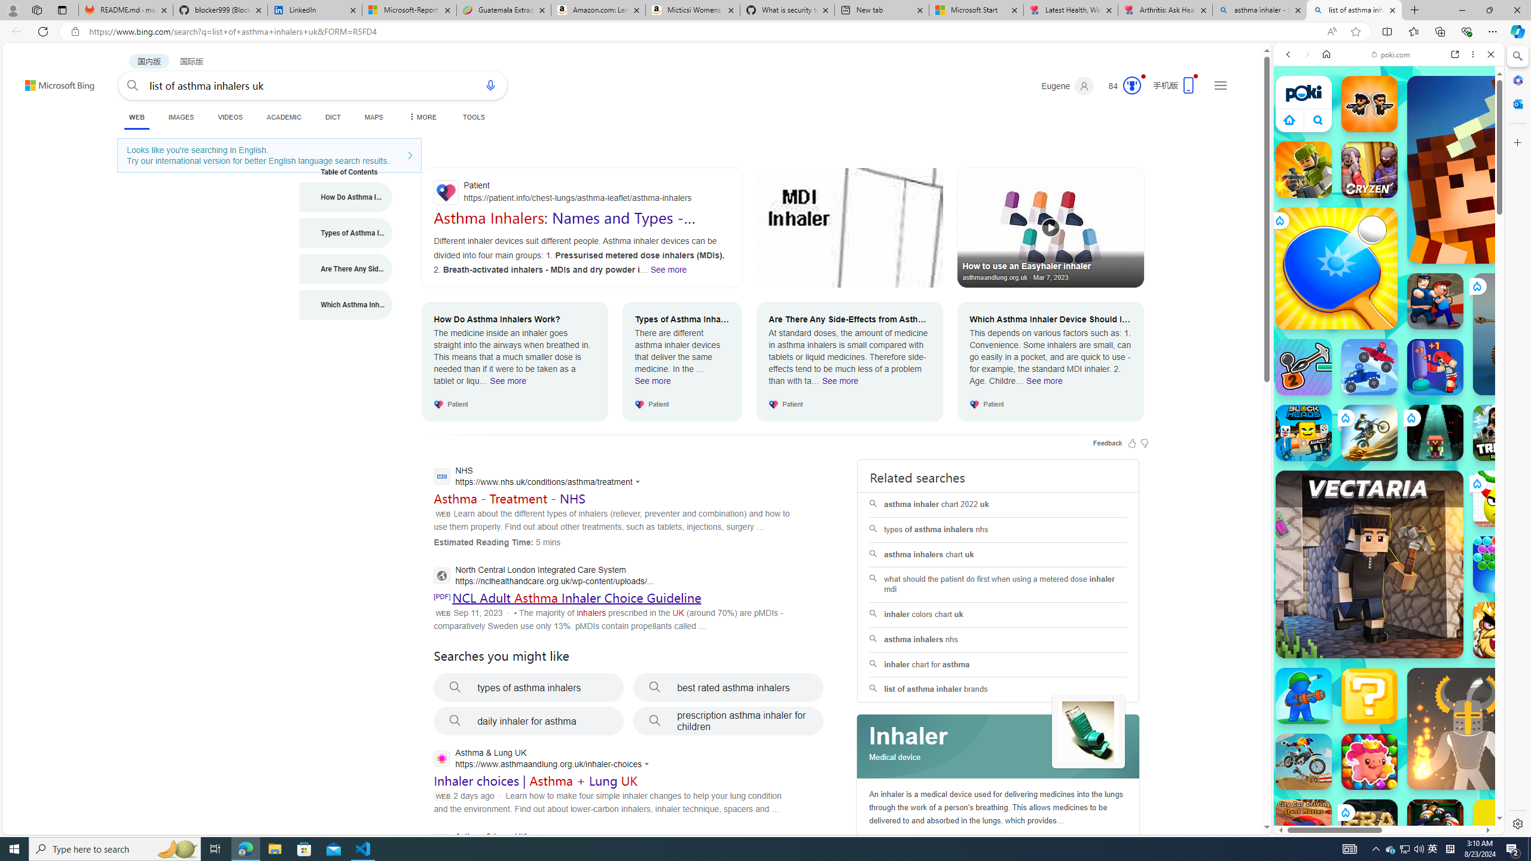  I want to click on 'Hills of Steel', so click(1329, 609).